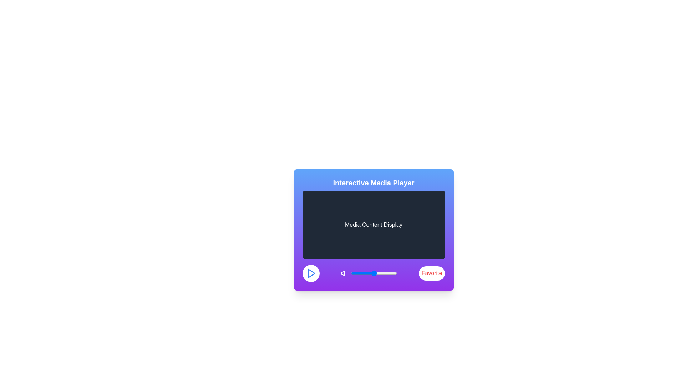 The height and width of the screenshot is (385, 685). I want to click on the Play icon located at the bottom left corner of the media player interface, so click(311, 273).